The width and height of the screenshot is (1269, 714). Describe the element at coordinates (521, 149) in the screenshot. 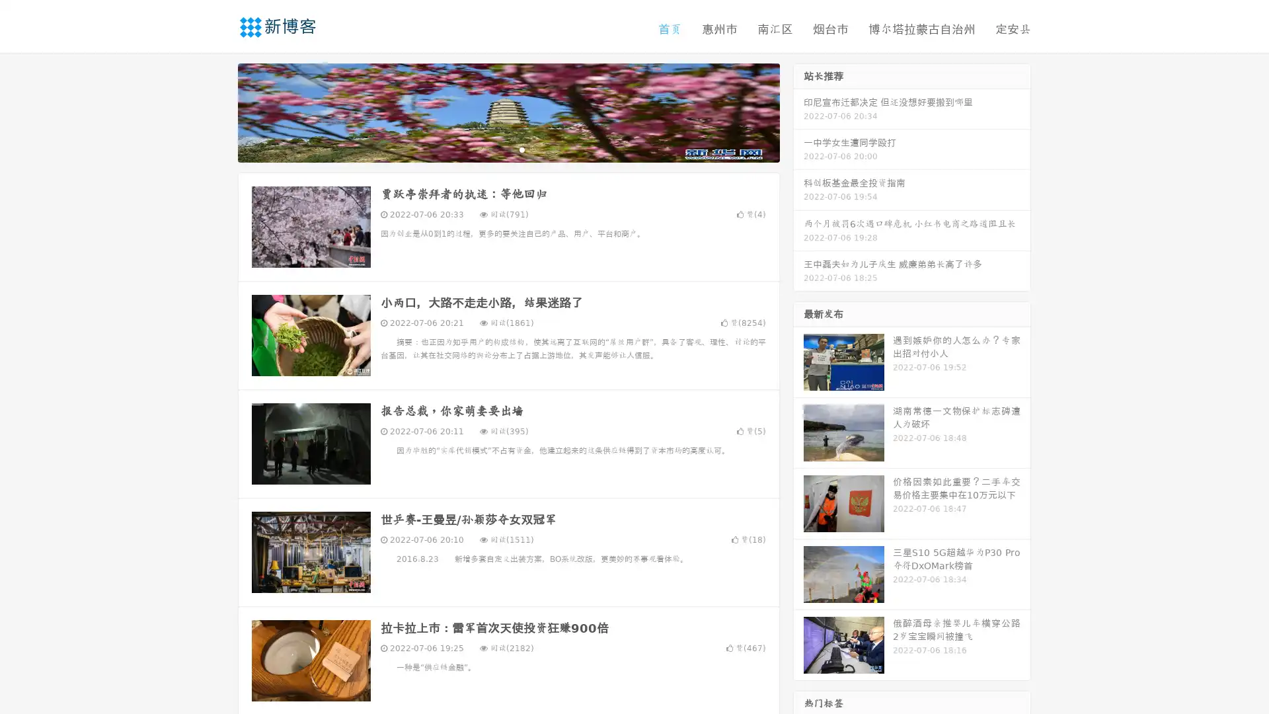

I see `Go to slide 3` at that location.